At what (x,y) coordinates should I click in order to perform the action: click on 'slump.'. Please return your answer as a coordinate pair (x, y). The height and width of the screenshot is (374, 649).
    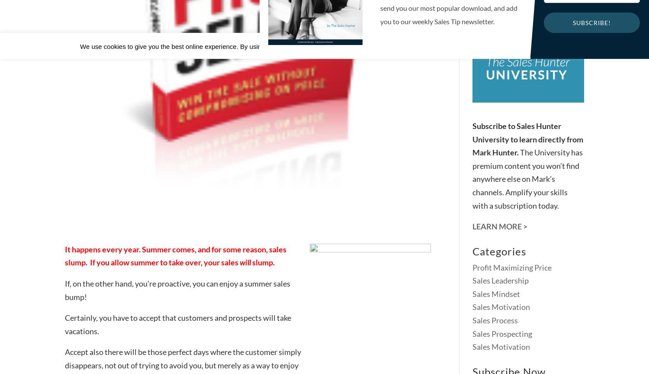
    Looking at the image, I should click on (251, 262).